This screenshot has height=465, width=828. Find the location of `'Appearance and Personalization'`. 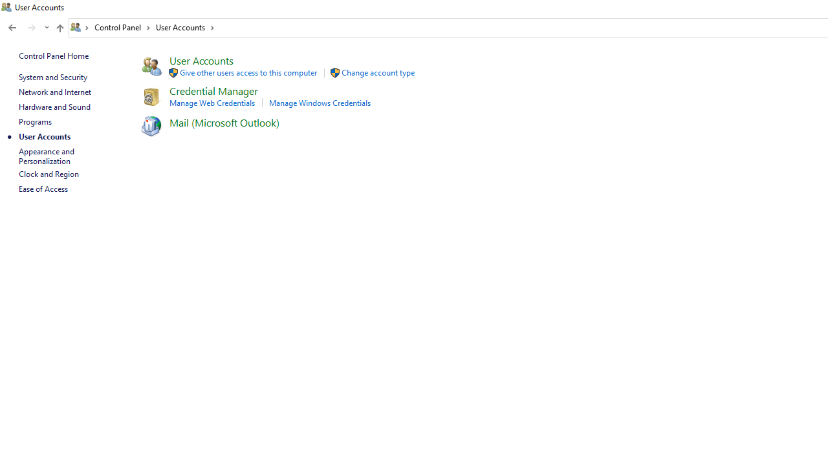

'Appearance and Personalization' is located at coordinates (47, 155).